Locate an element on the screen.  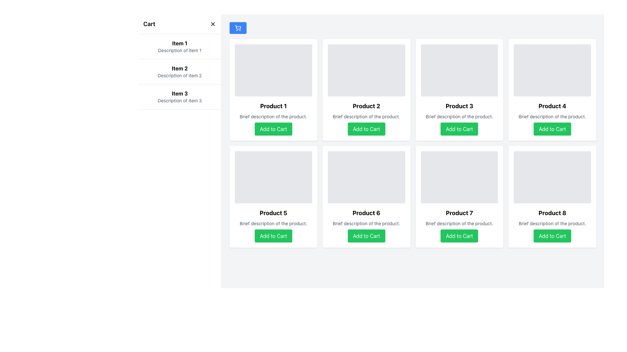
the text label reading 'Description of item 2', which is styled with a smaller font size and gray coloring, located under the bold title 'Item 2' in the left sidebar's vertical list is located at coordinates (180, 75).